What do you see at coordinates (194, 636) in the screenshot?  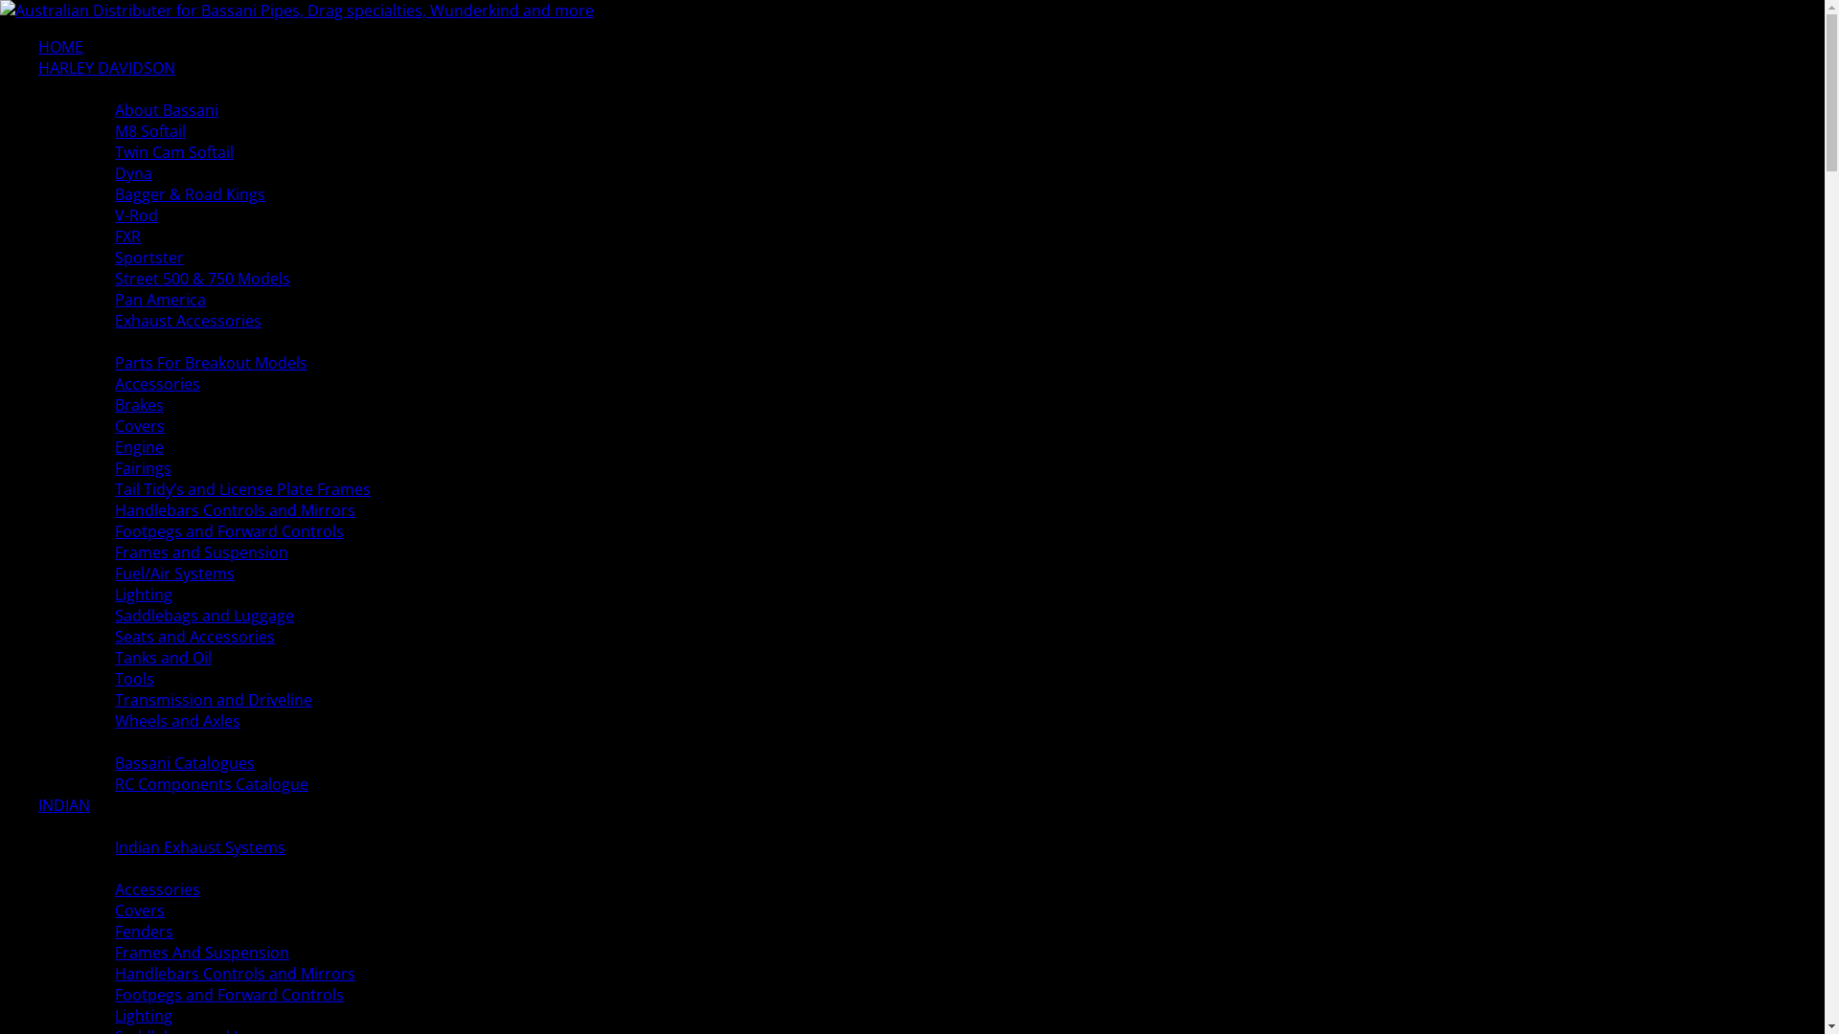 I see `'Seats and Accessories'` at bounding box center [194, 636].